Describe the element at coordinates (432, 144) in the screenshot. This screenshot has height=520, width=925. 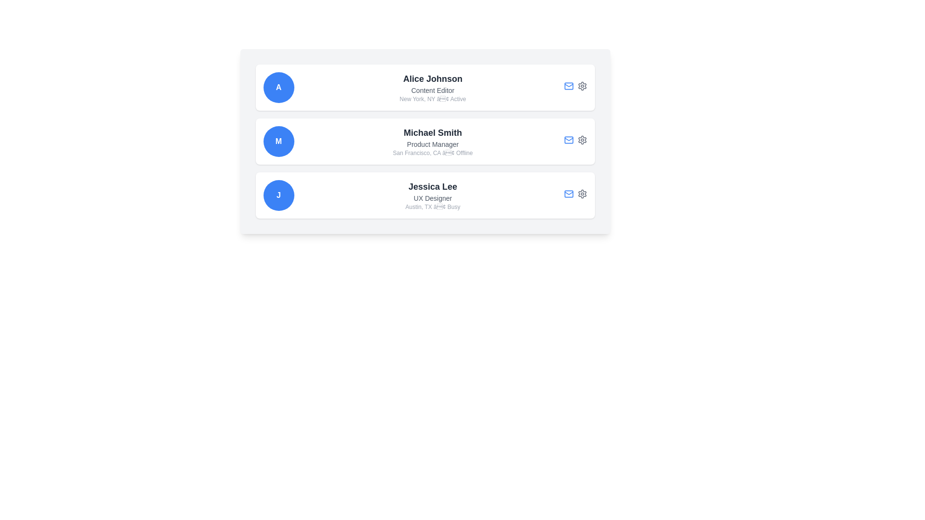
I see `the static text label that describes the professional role or job title of 'Michael Smith', positioned below the name and above the location and status text` at that location.